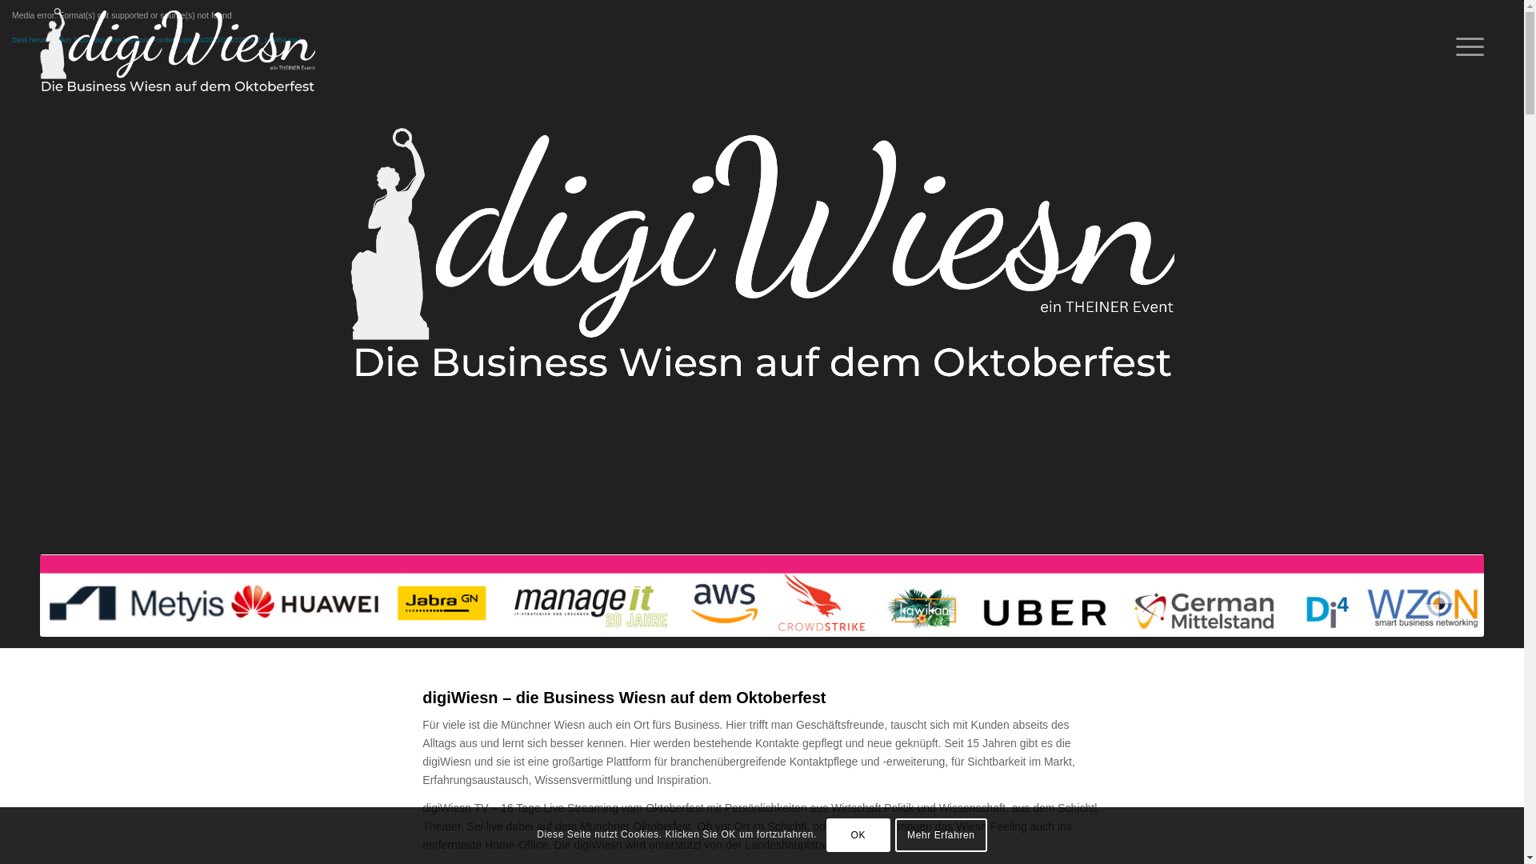 The height and width of the screenshot is (864, 1536). Describe the element at coordinates (941, 834) in the screenshot. I see `'Mehr Erfahren'` at that location.